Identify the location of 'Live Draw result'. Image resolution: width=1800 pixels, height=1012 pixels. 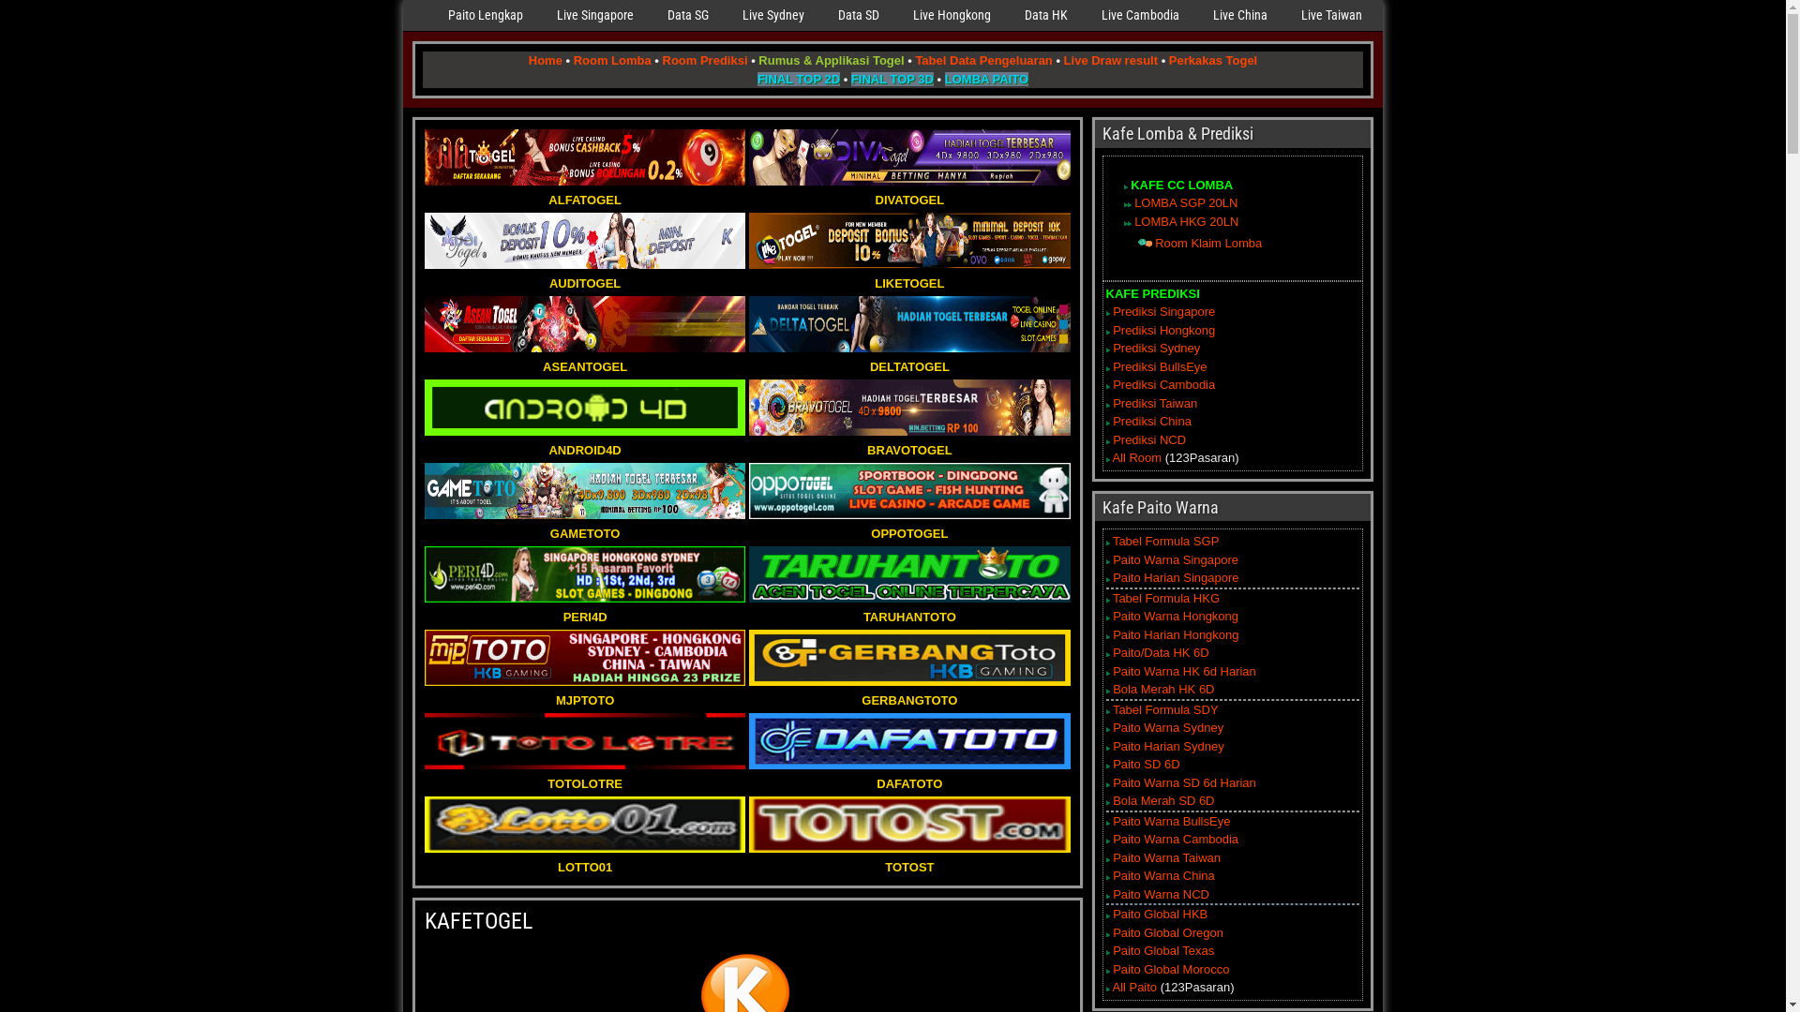
(1111, 59).